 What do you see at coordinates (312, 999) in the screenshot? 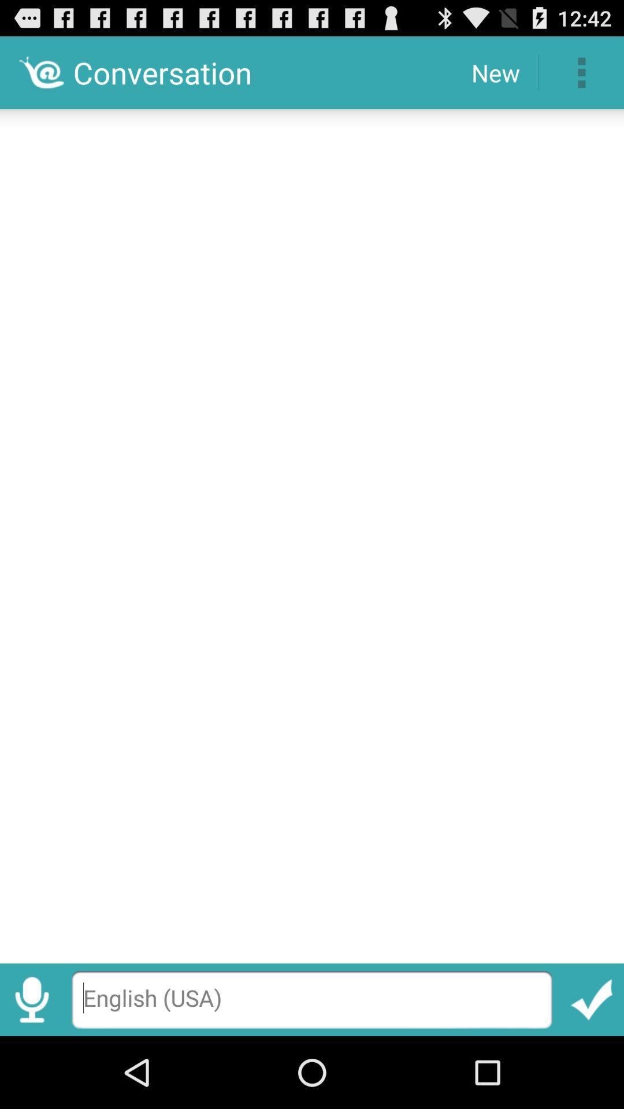
I see `type here` at bounding box center [312, 999].